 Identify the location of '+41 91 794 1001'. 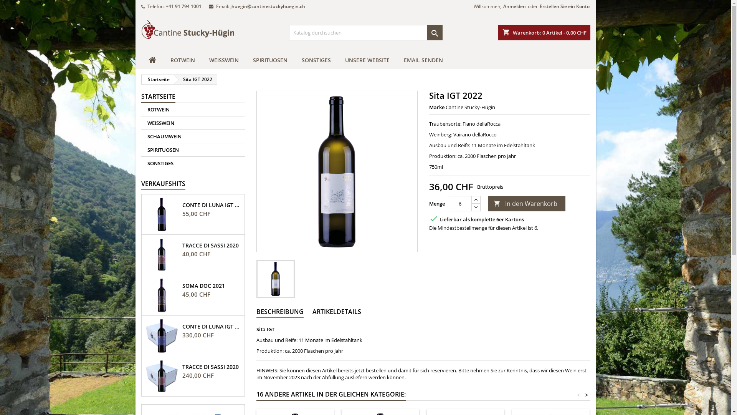
(183, 6).